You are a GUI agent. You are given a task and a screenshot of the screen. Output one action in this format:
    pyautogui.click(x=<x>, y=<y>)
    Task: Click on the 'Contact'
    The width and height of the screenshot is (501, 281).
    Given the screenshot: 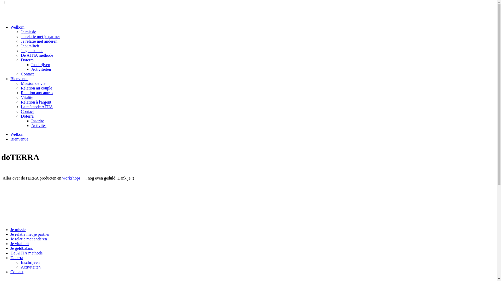 What is the action you would take?
    pyautogui.click(x=17, y=271)
    